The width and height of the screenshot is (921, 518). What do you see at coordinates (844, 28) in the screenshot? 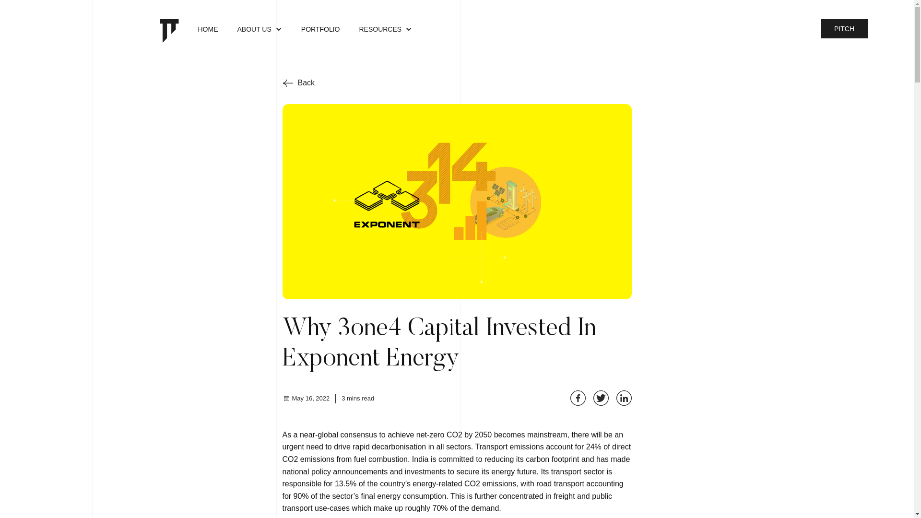
I see `'PITCH'` at bounding box center [844, 28].